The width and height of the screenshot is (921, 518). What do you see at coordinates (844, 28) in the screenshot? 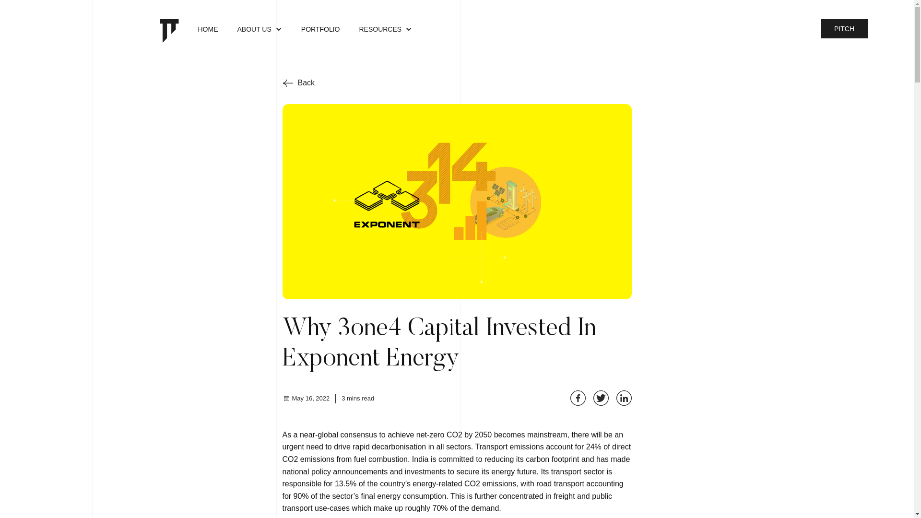
I see `'PITCH'` at bounding box center [844, 28].